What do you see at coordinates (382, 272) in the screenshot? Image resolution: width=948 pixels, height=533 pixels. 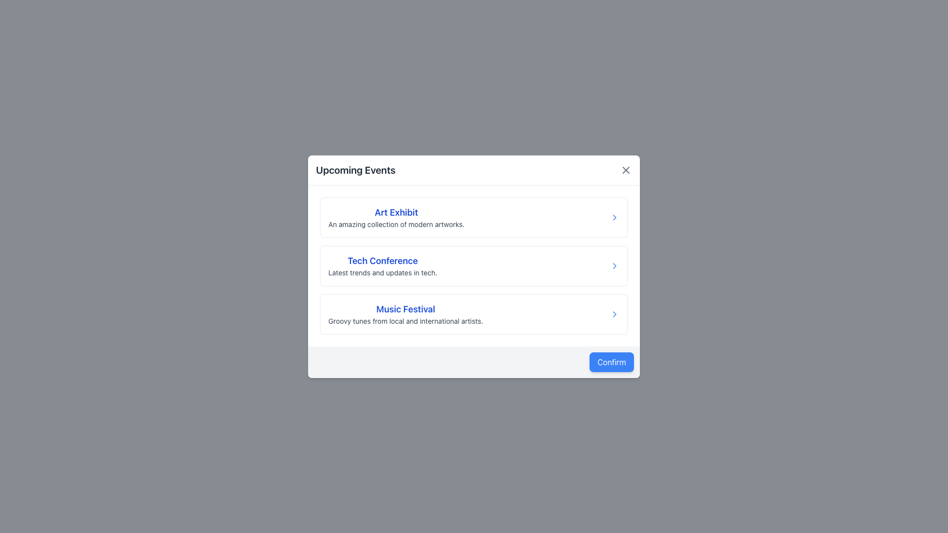 I see `the text descriptor located in the second item of the vertically stacked list within the 'Upcoming Events' modal, directly beneath the title 'Tech Conference.'` at bounding box center [382, 272].